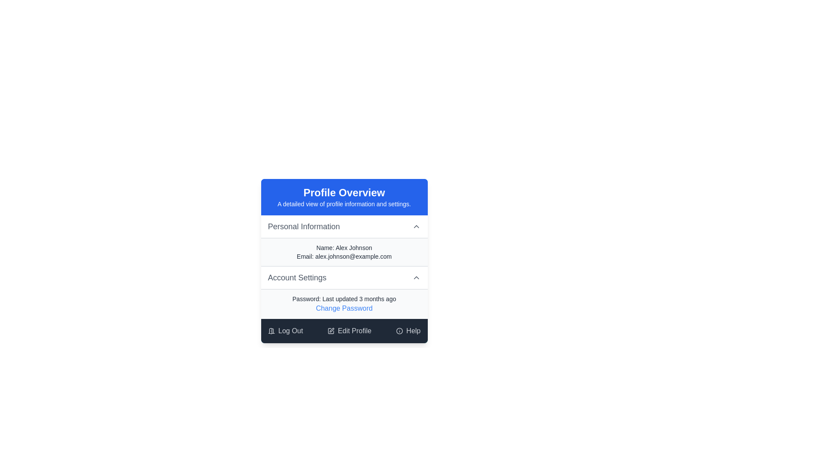 The width and height of the screenshot is (833, 468). Describe the element at coordinates (344, 204) in the screenshot. I see `the static text that reads 'A detailed view of profile information and settings.' located below the 'Profile Overview' heading within the blue background section` at that location.